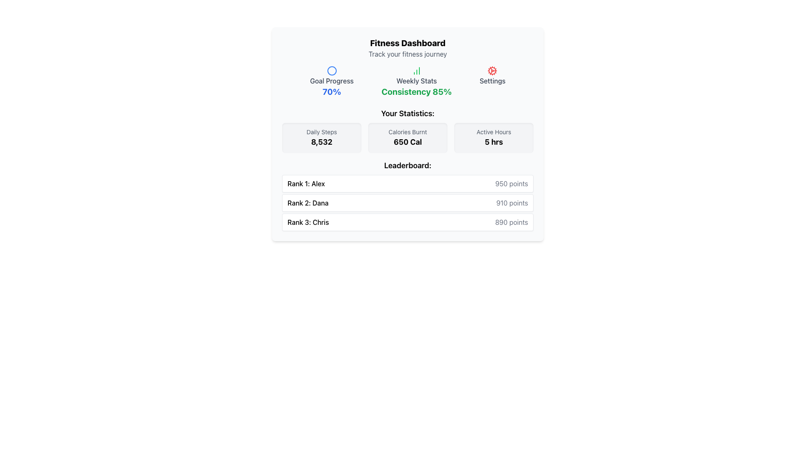 The width and height of the screenshot is (806, 453). What do you see at coordinates (494, 132) in the screenshot?
I see `the Text label that indicates the active hours achieved, which is located at the top of the rightmost statistics box in the interface` at bounding box center [494, 132].